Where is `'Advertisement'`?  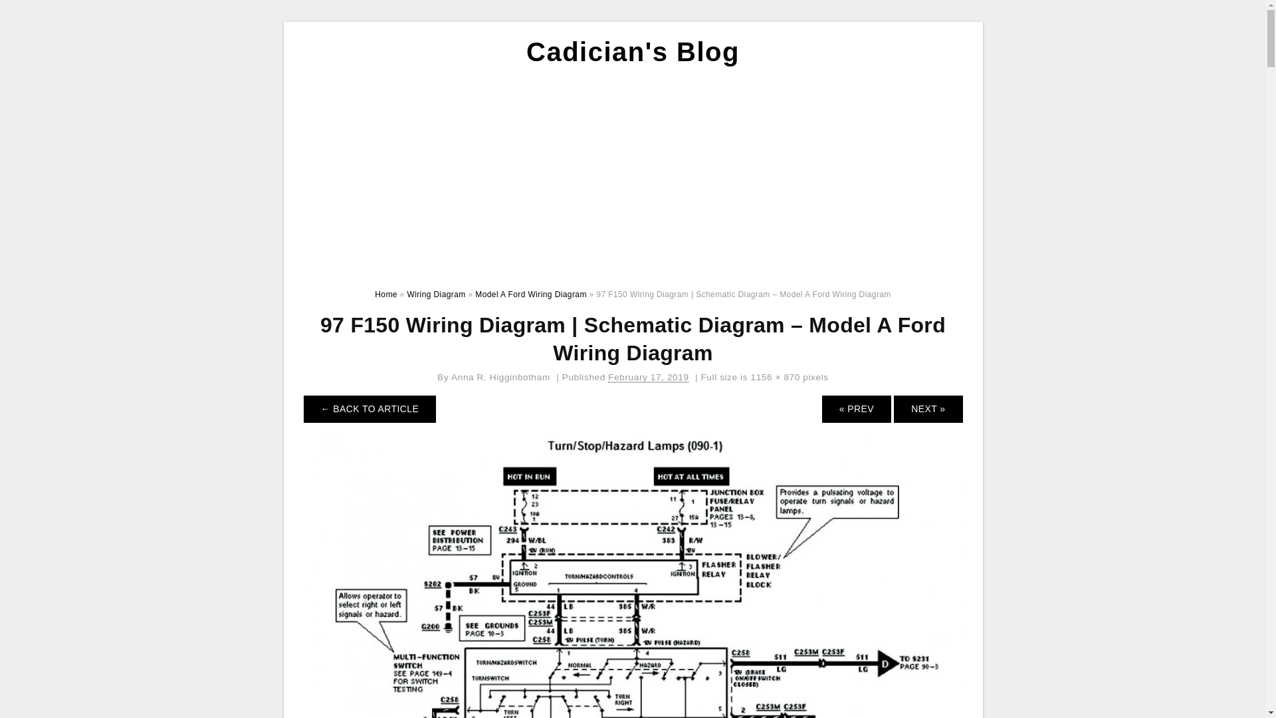 'Advertisement' is located at coordinates (292, 174).